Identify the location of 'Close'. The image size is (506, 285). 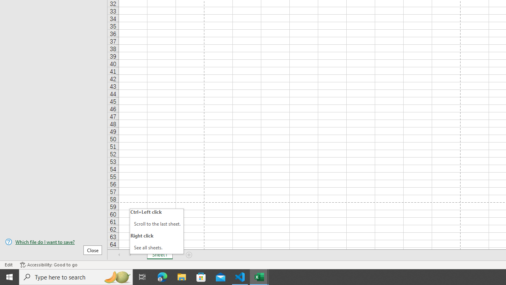
(93, 250).